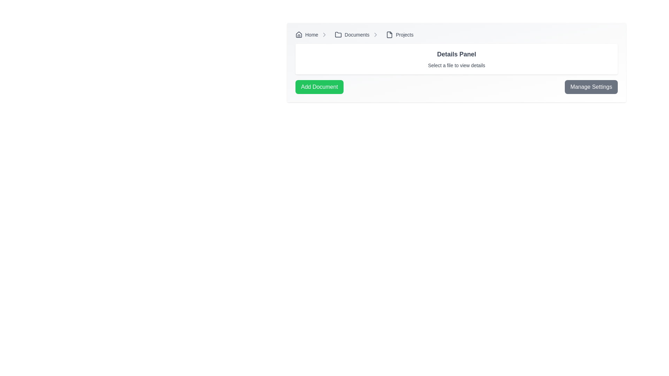 The image size is (669, 376). Describe the element at coordinates (456, 65) in the screenshot. I see `the informational label located below the 'Details Panel' title in the Details Panel section to provide guidance for file selection` at that location.